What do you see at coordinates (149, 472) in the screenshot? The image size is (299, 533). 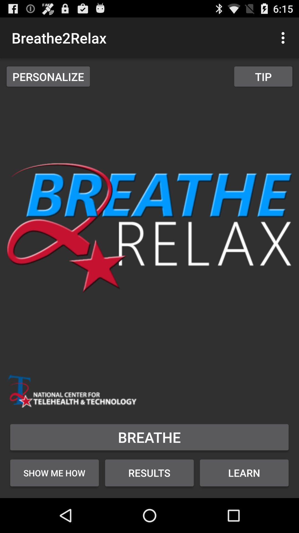 I see `the item to the right of the show me how` at bounding box center [149, 472].